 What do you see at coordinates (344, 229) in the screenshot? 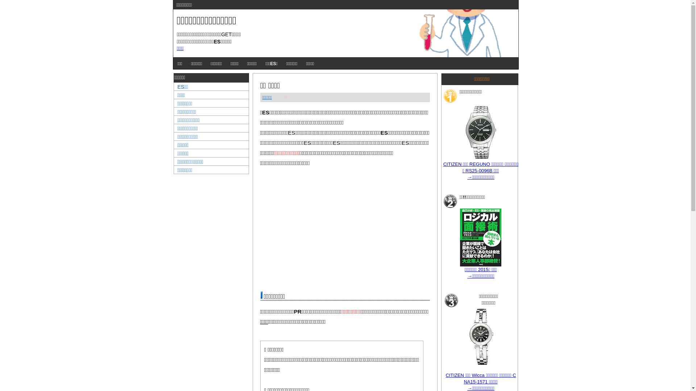
I see `'Advertisement'` at bounding box center [344, 229].